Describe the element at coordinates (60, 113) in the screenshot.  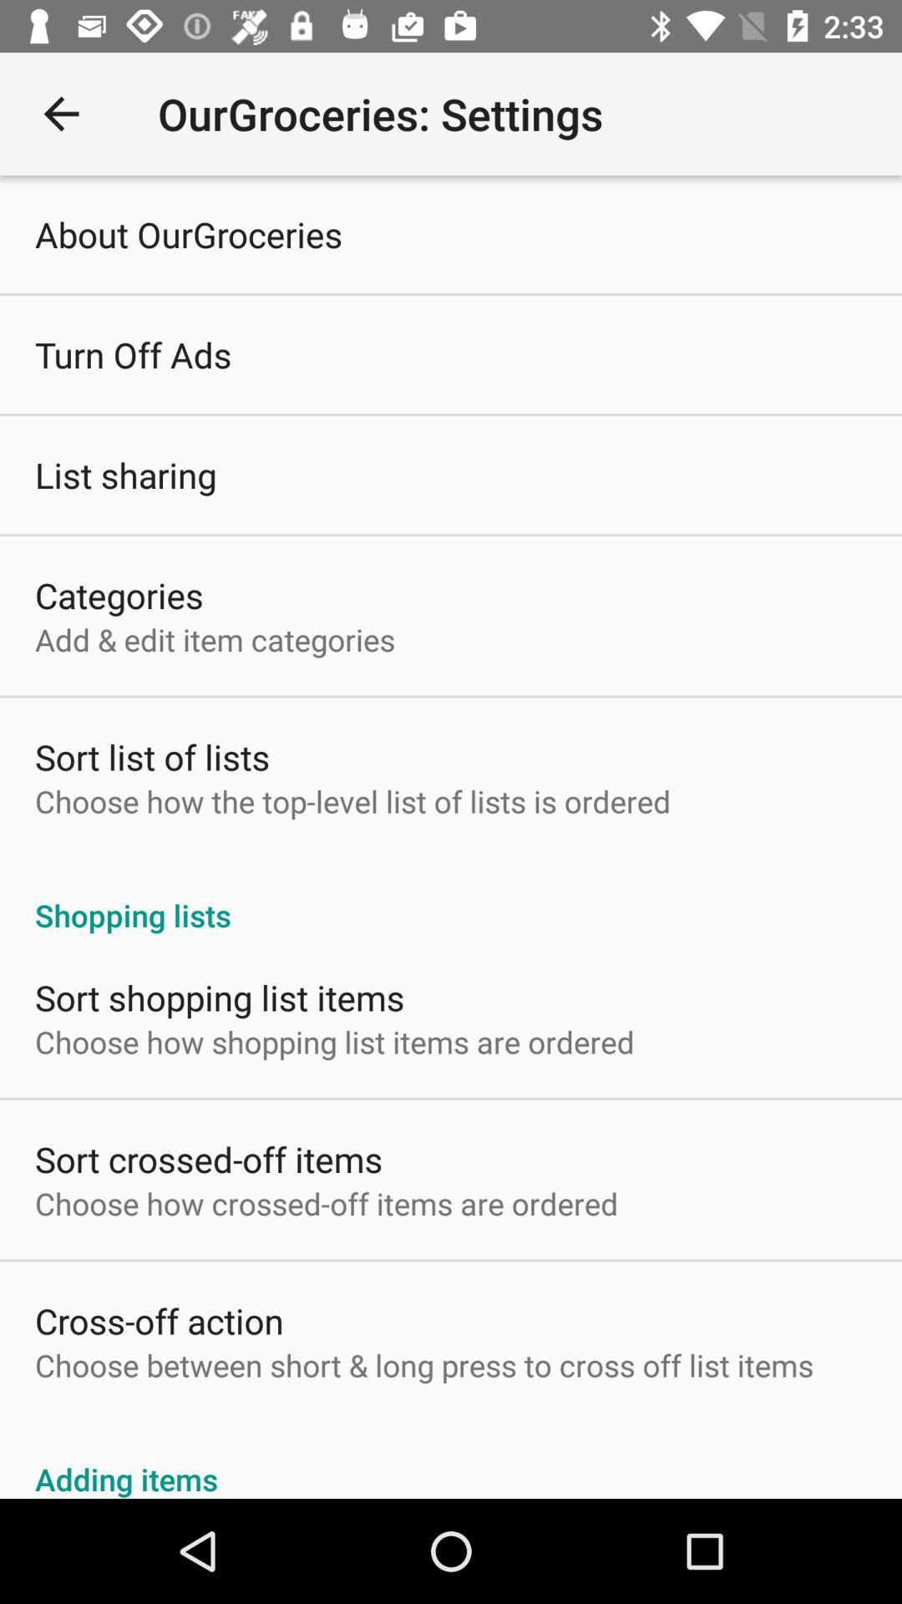
I see `the icon above the about ourgroceries item` at that location.